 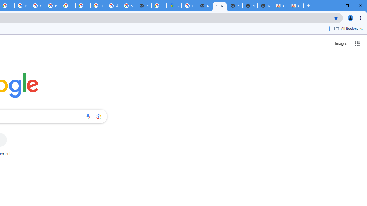 I want to click on 'Classic Blue - Chrome Web Store', so click(x=296, y=6).